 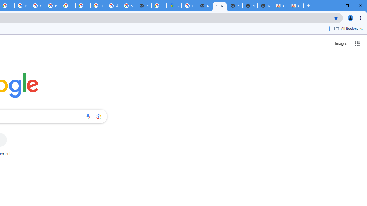 I want to click on 'Classic Blue - Chrome Web Store', so click(x=296, y=6).